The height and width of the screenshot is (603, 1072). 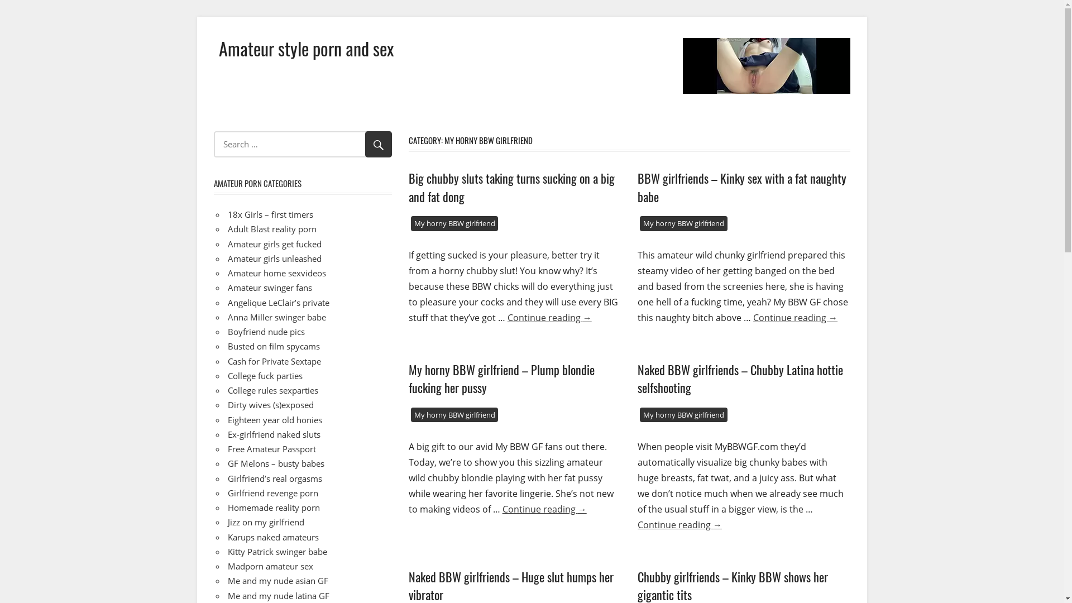 I want to click on 'Ex-girlfriend naked sluts', so click(x=274, y=434).